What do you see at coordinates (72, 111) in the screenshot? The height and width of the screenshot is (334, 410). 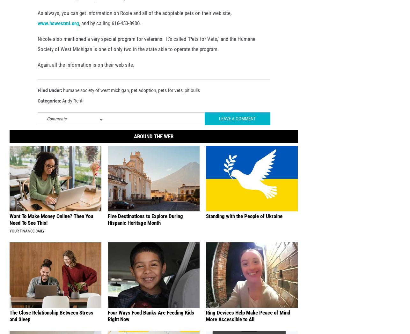 I see `'Andy Rent'` at bounding box center [72, 111].